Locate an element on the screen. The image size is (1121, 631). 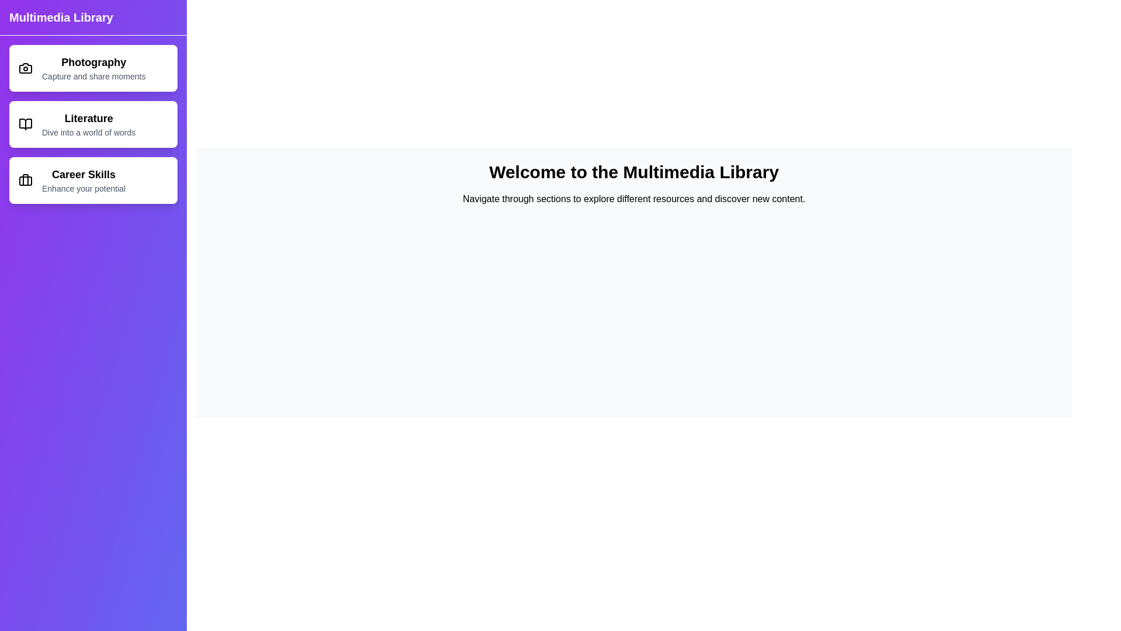
the Literature section to view its details is located at coordinates (92, 124).